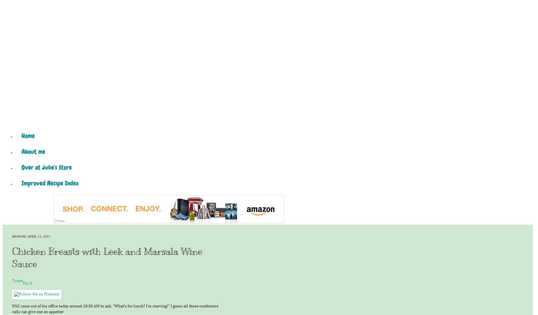 Image resolution: width=538 pixels, height=315 pixels. Describe the element at coordinates (50, 183) in the screenshot. I see `'Improved Recipe Index'` at that location.